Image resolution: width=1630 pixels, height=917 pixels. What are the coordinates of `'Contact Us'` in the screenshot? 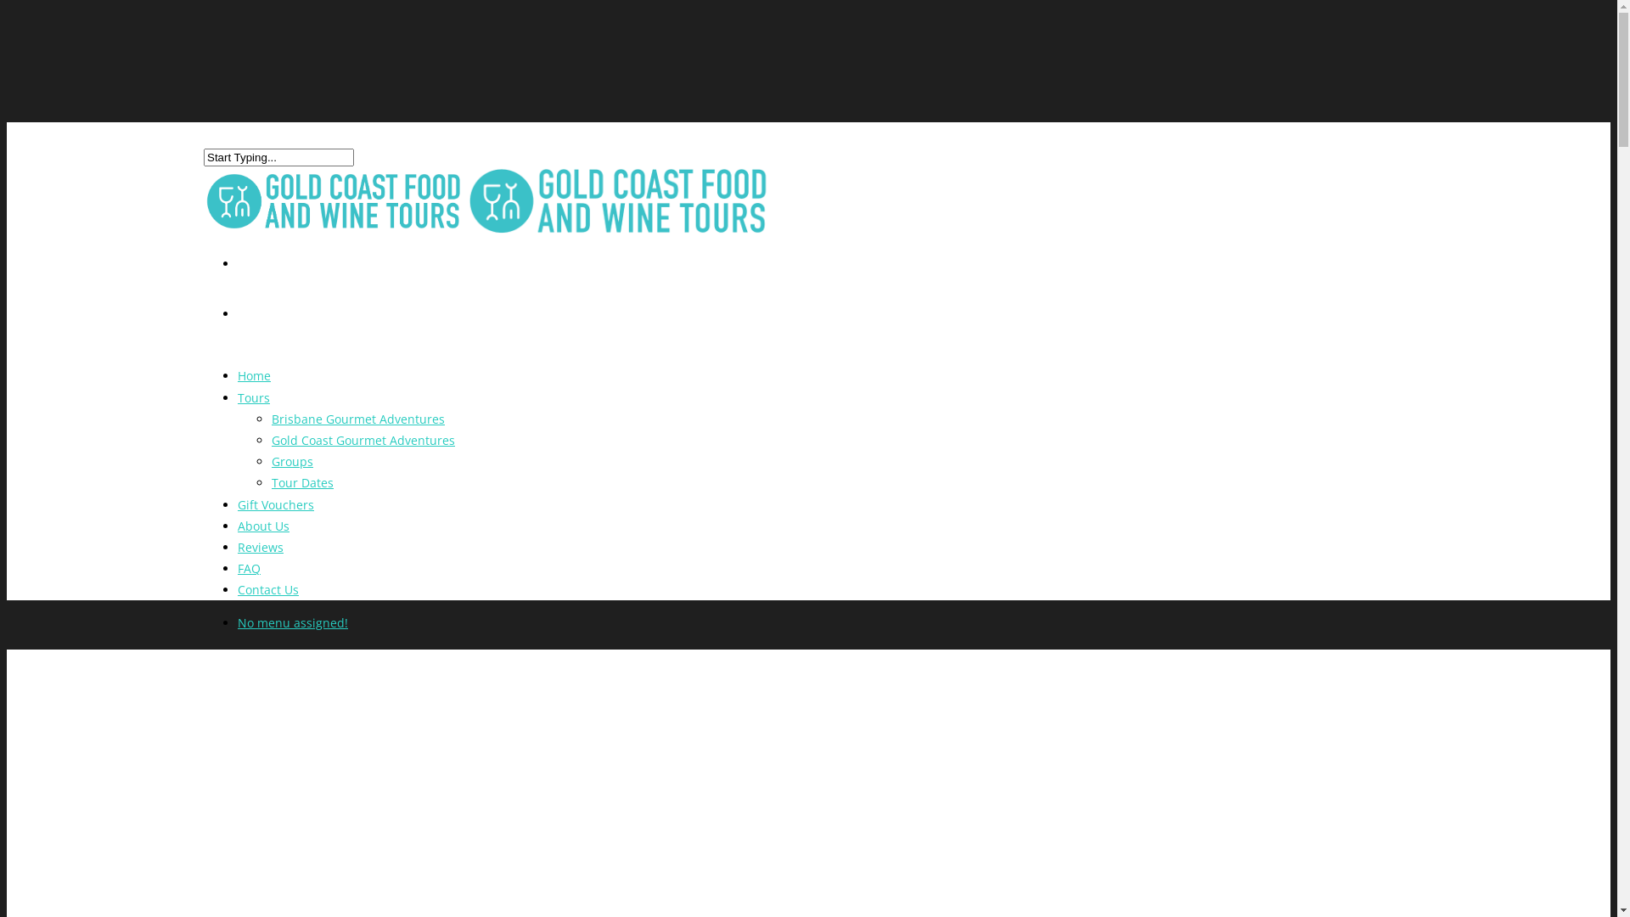 It's located at (267, 600).